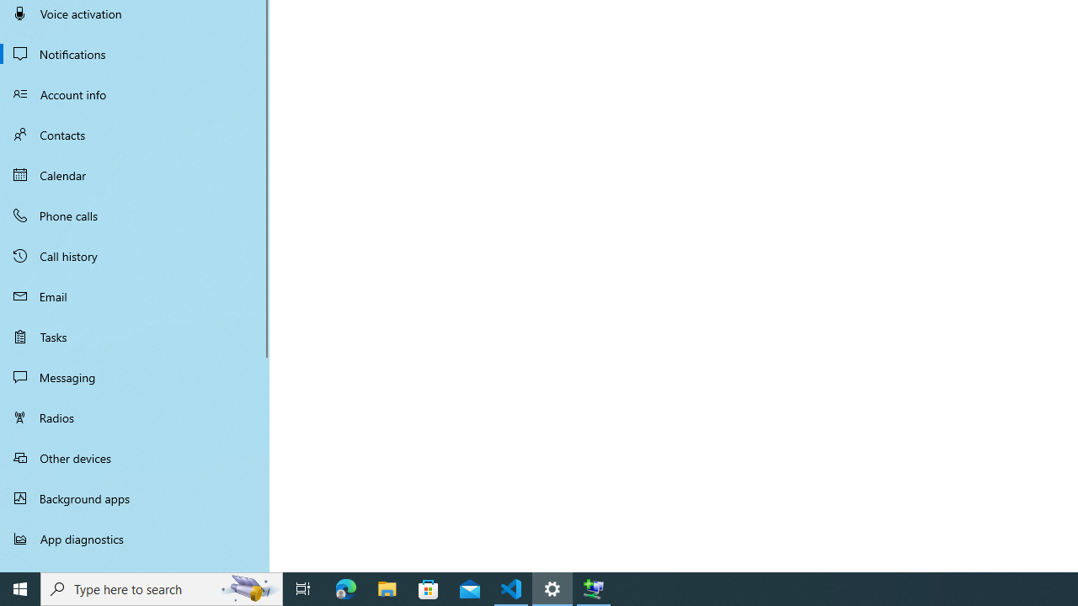 This screenshot has width=1078, height=606. Describe the element at coordinates (135, 256) in the screenshot. I see `'Call history'` at that location.